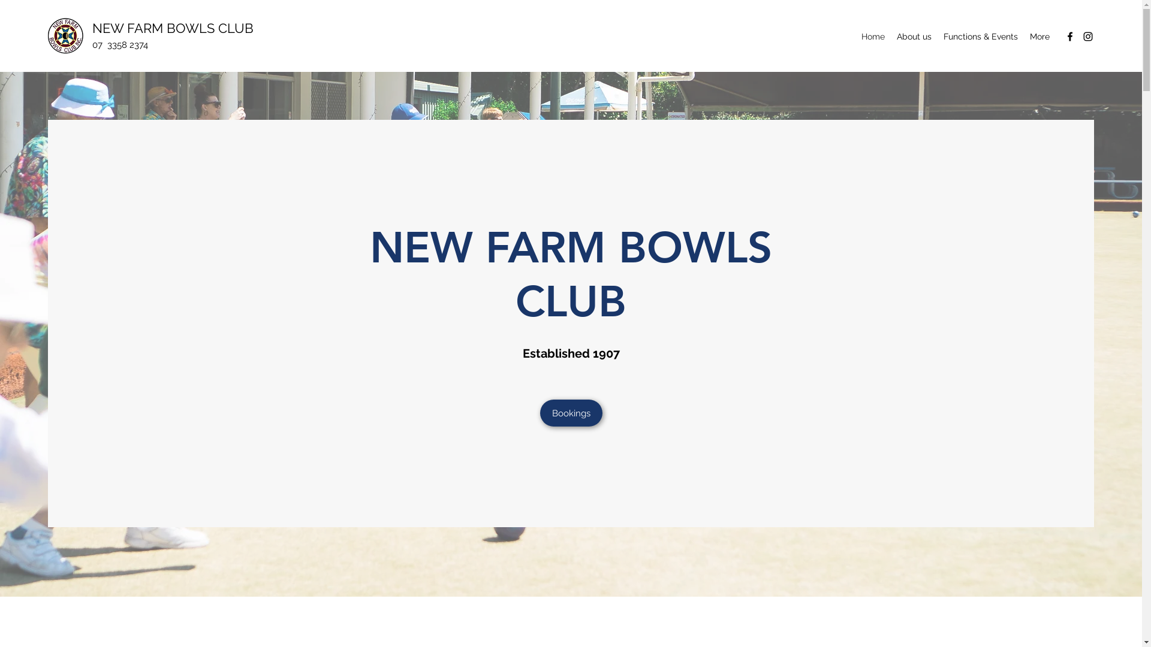 This screenshot has height=647, width=1151. I want to click on 'Functions & Events', so click(937, 36).